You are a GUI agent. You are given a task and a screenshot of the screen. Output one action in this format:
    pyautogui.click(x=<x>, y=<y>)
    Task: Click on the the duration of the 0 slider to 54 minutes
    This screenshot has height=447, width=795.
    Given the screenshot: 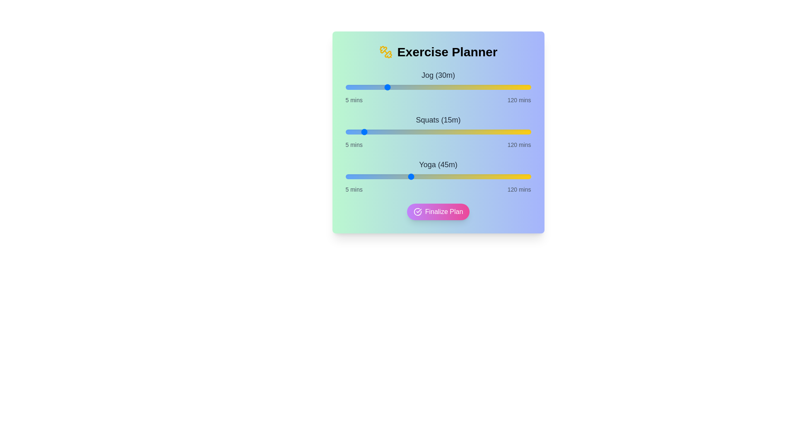 What is the action you would take?
    pyautogui.click(x=424, y=87)
    